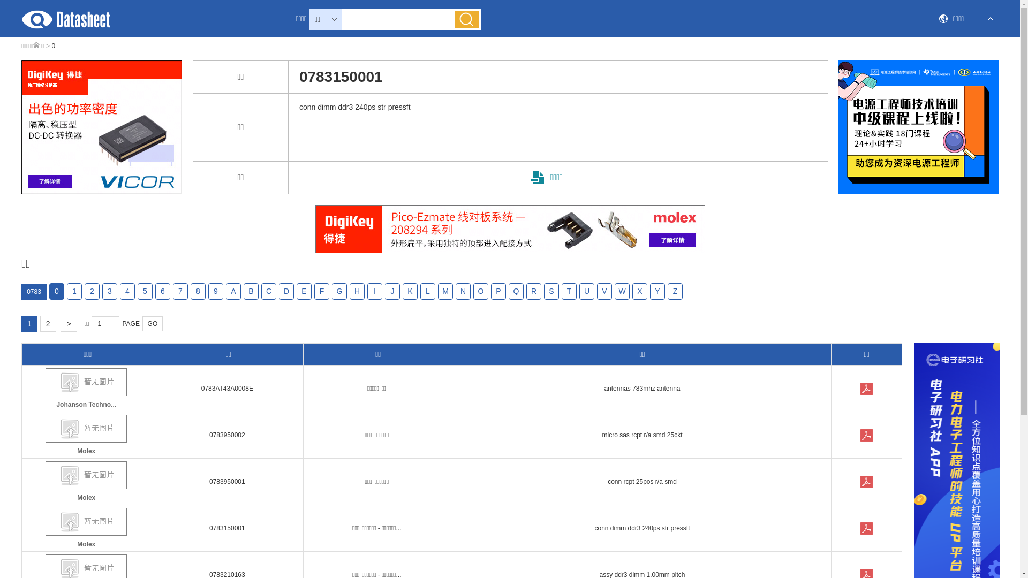  What do you see at coordinates (455, 291) in the screenshot?
I see `'N'` at bounding box center [455, 291].